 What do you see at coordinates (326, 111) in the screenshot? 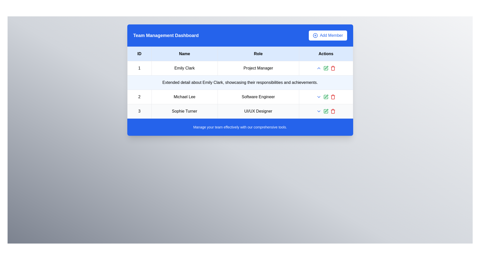
I see `the second interactive icon in the Actions column of the third row of the table, which represents an edit or update function` at bounding box center [326, 111].